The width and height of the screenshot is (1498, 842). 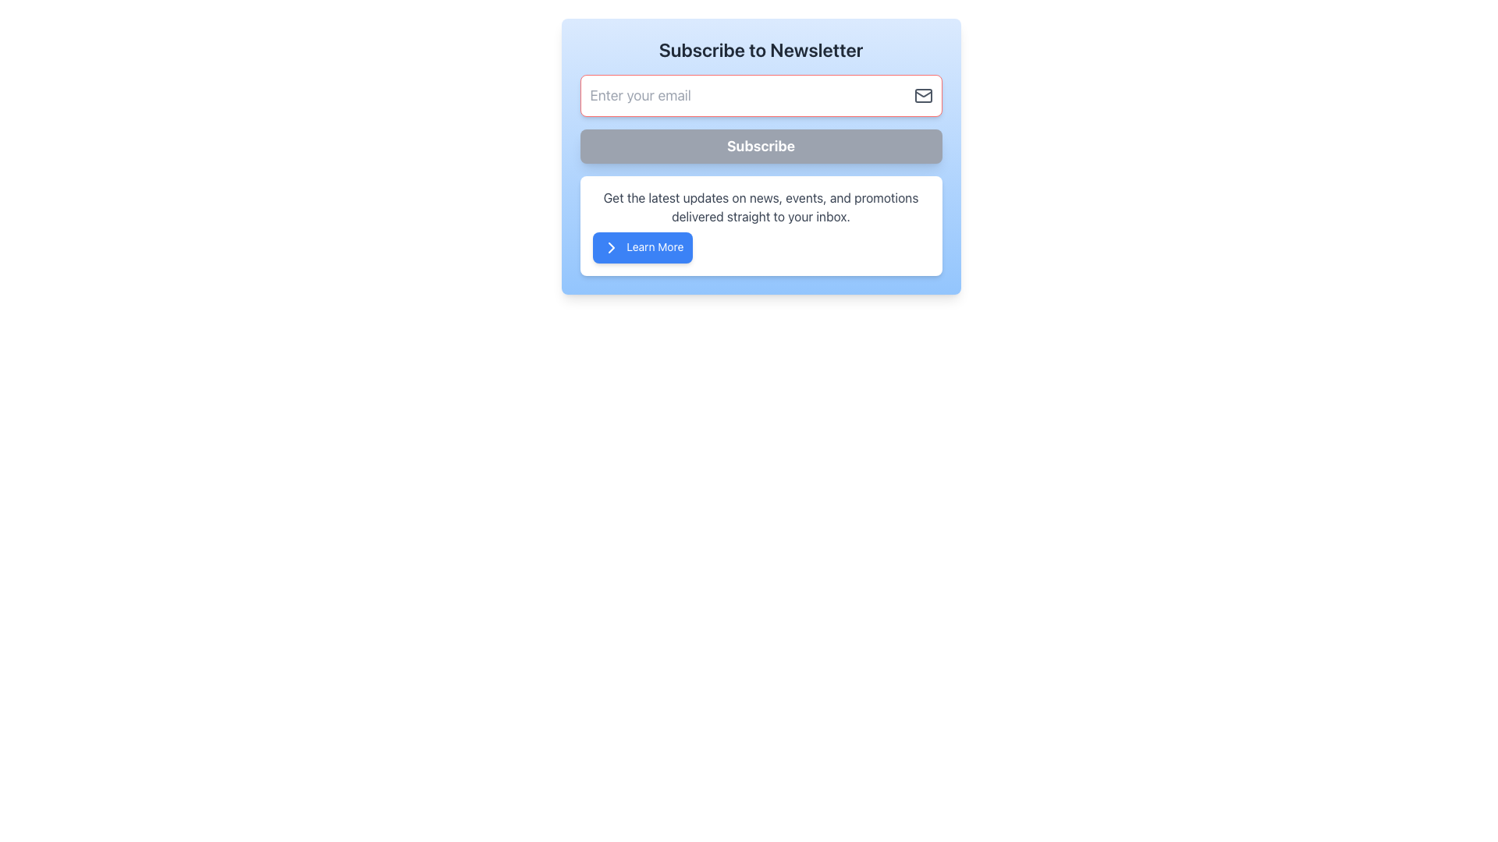 I want to click on the 'Subscribe' button, which is visually distinct with white bold text on a light gray background, located below the 'Enter your email' input box, so click(x=761, y=156).